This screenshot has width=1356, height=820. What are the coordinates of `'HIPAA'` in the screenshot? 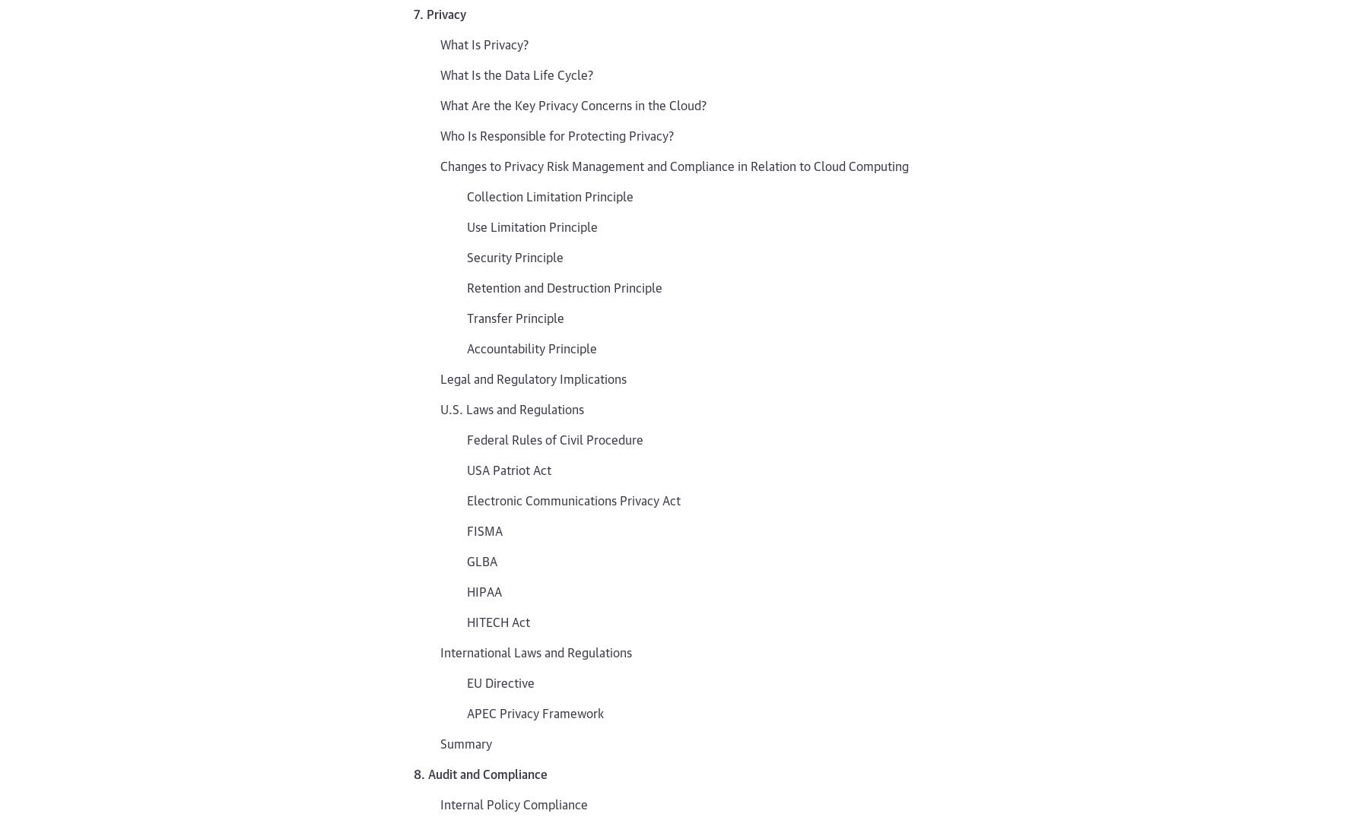 It's located at (484, 590).